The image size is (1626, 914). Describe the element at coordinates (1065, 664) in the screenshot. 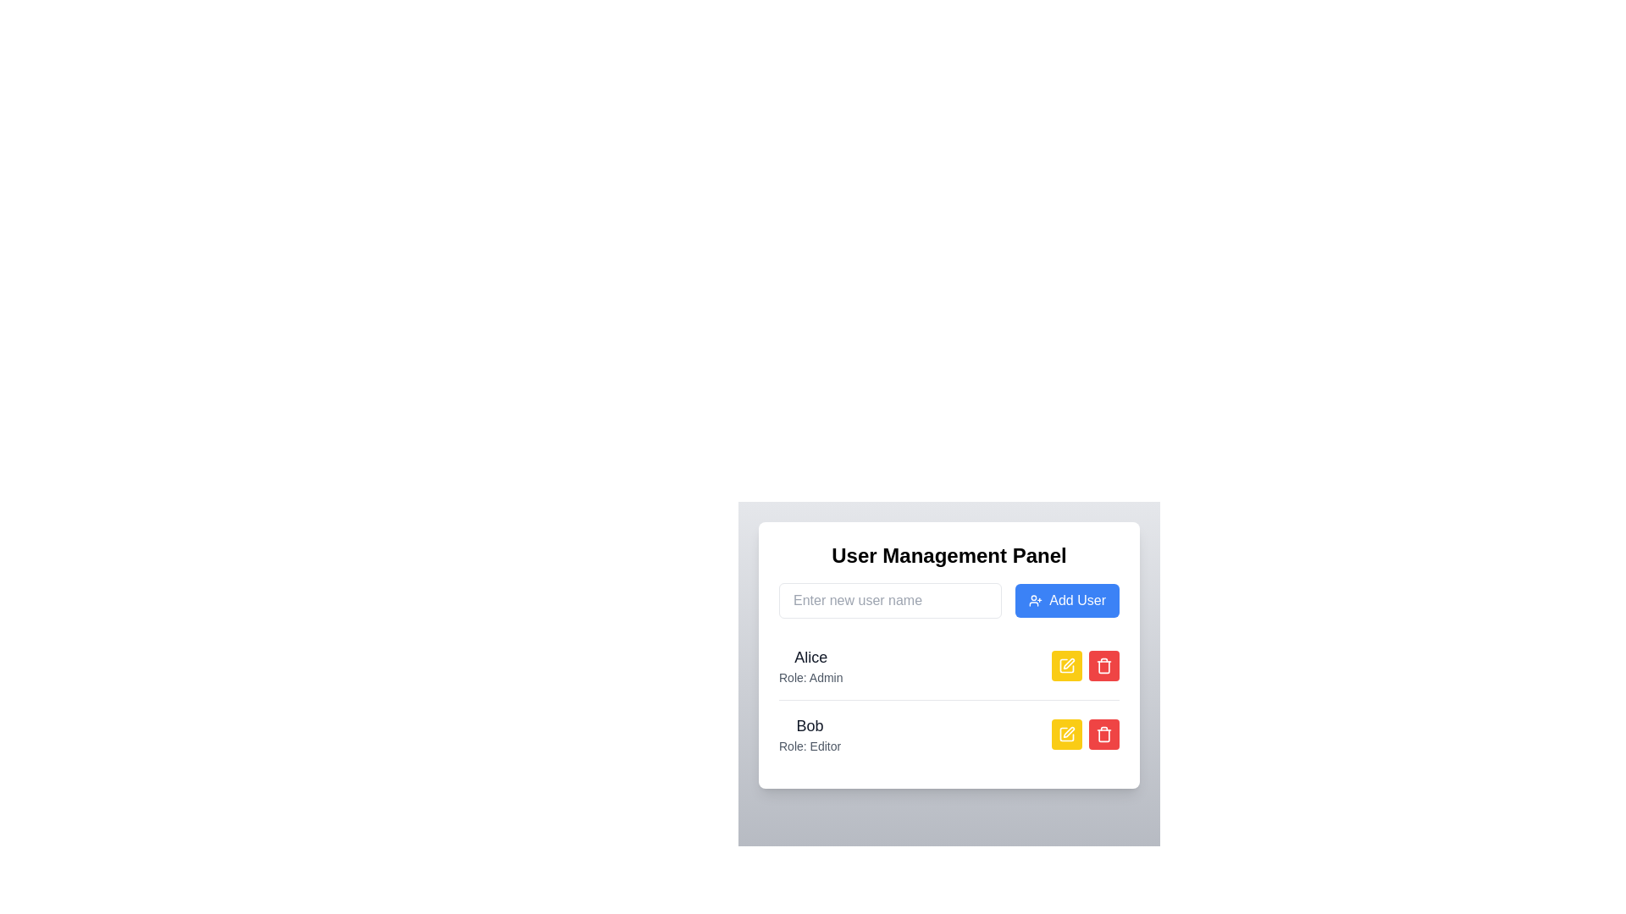

I see `the edit button (pen icon) located to the right of the user named 'Alice' in the user panel to initiate editing` at that location.